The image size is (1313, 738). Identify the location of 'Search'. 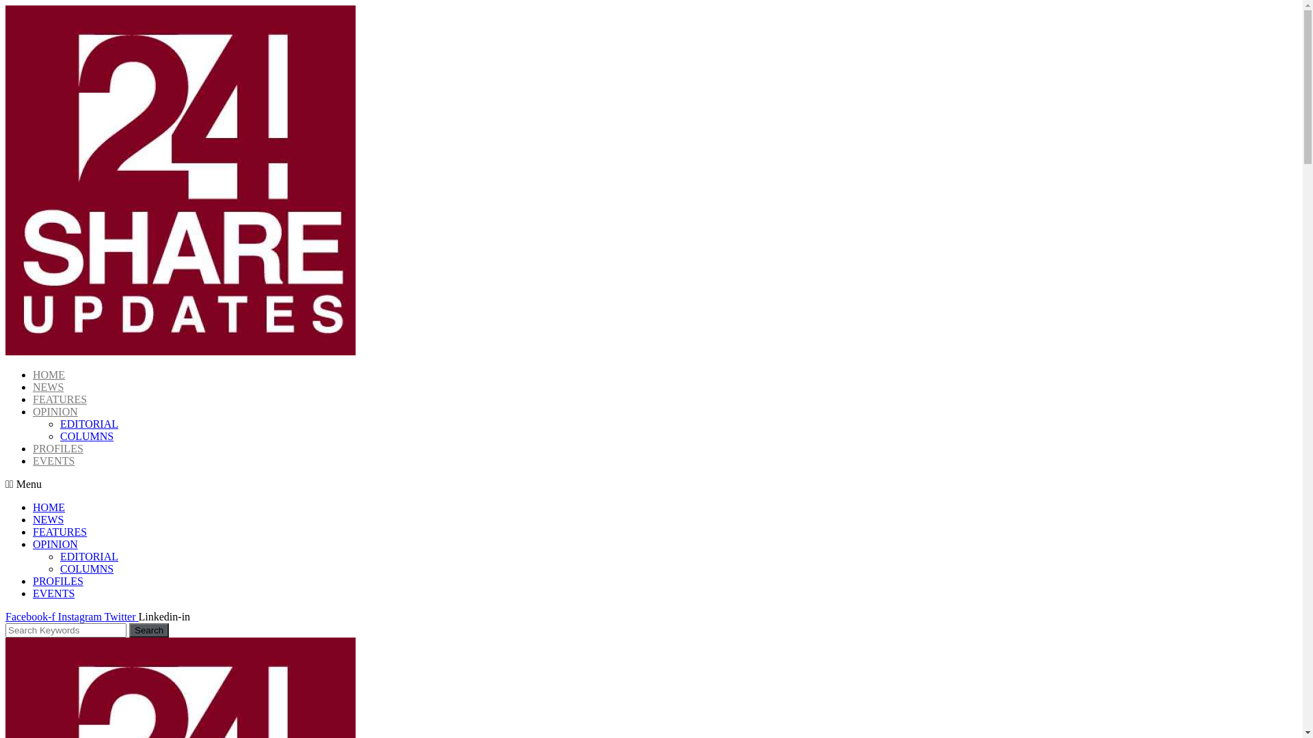
(148, 630).